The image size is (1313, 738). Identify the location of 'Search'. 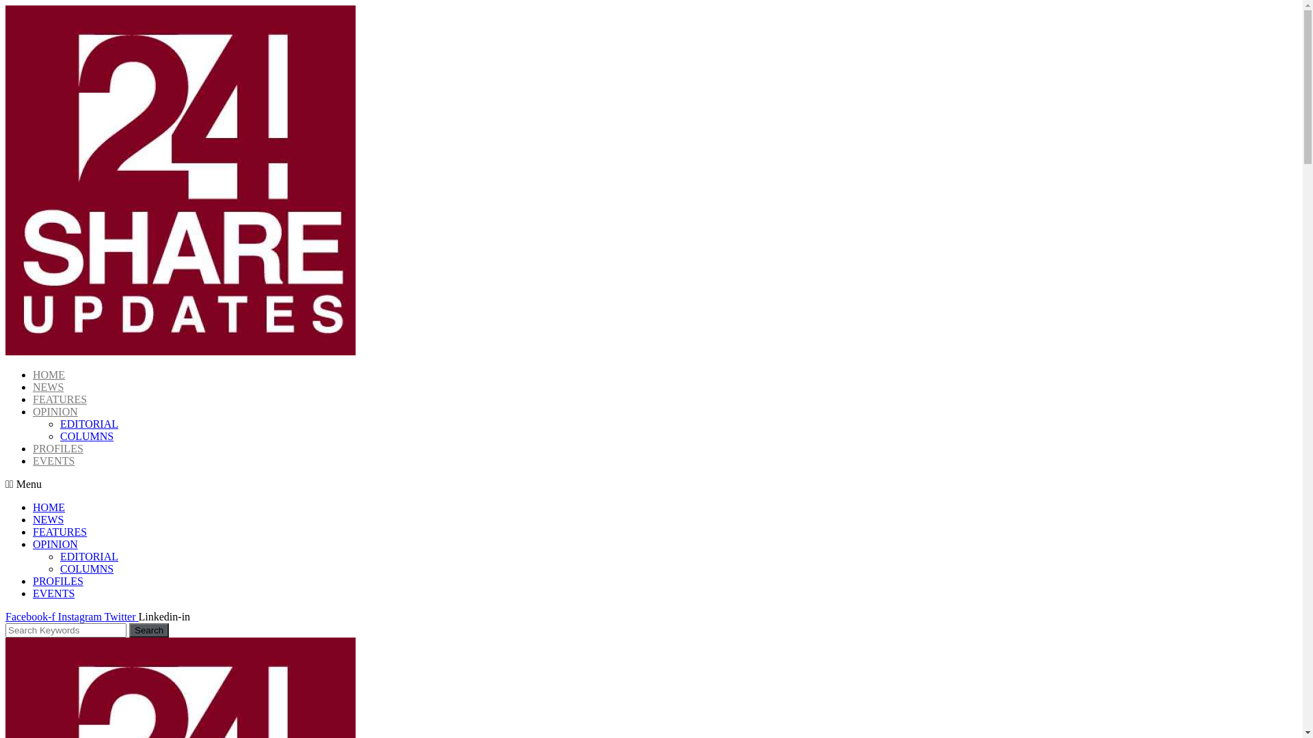
(148, 630).